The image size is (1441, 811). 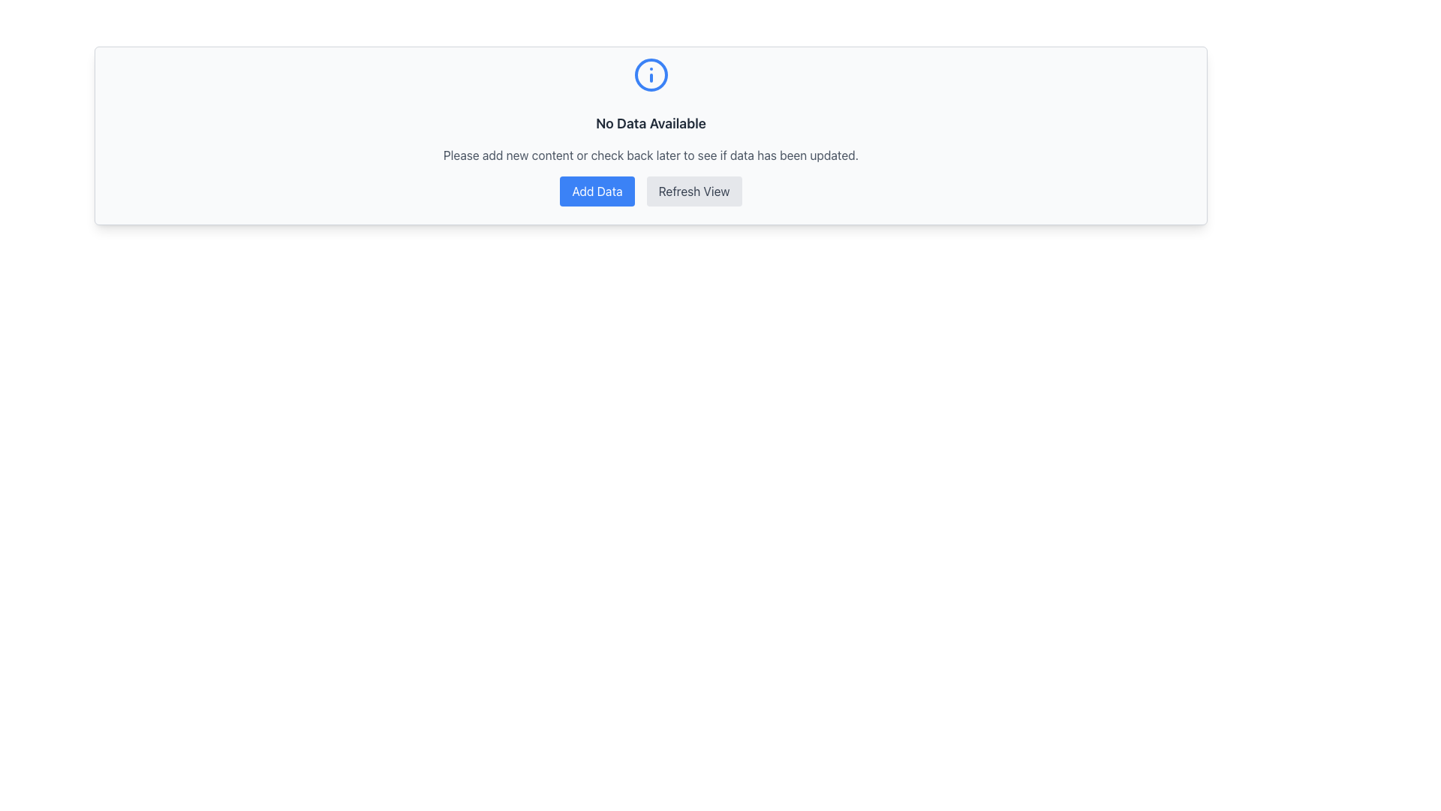 What do you see at coordinates (693, 190) in the screenshot?
I see `the 'Refresh View' button with a light gray background and dark gray text to observe the background color change` at bounding box center [693, 190].